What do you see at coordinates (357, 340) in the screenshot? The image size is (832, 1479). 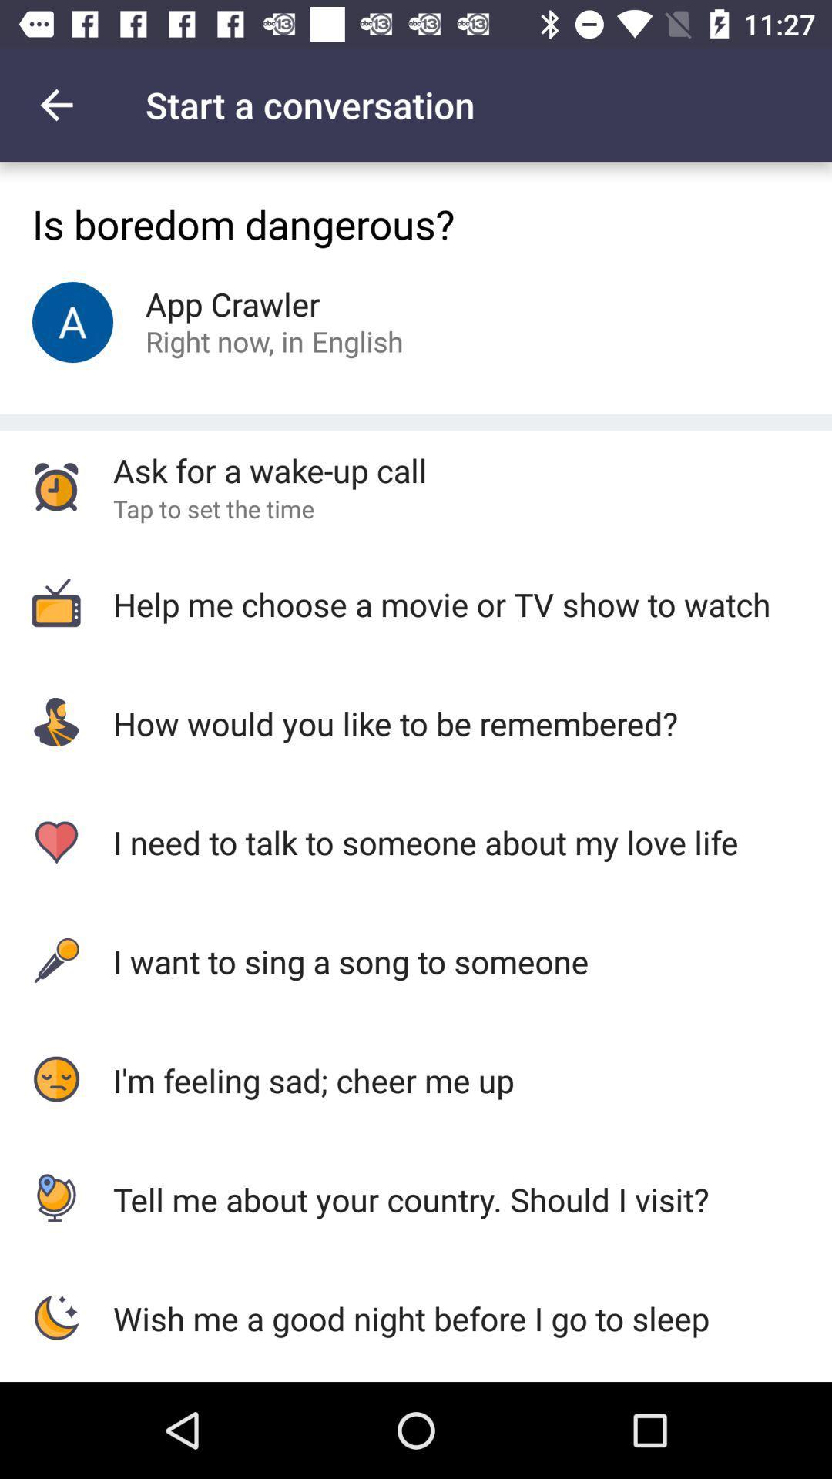 I see `item next to right now, in icon` at bounding box center [357, 340].